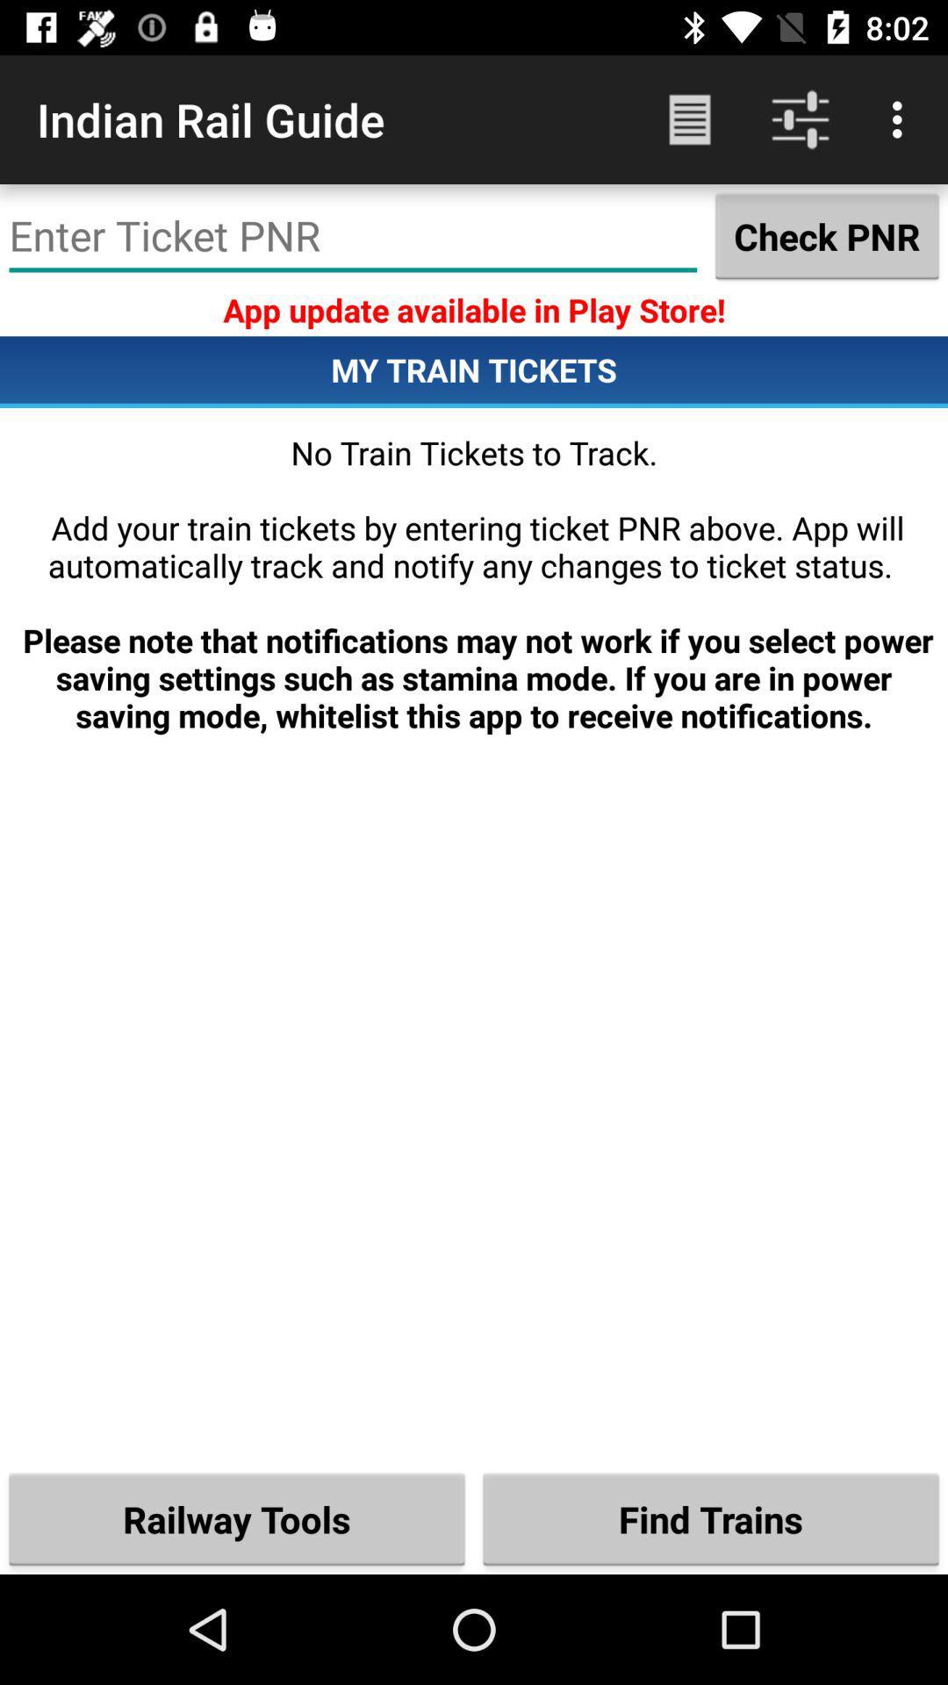  What do you see at coordinates (711, 1518) in the screenshot?
I see `the item to the right of railway tools icon` at bounding box center [711, 1518].